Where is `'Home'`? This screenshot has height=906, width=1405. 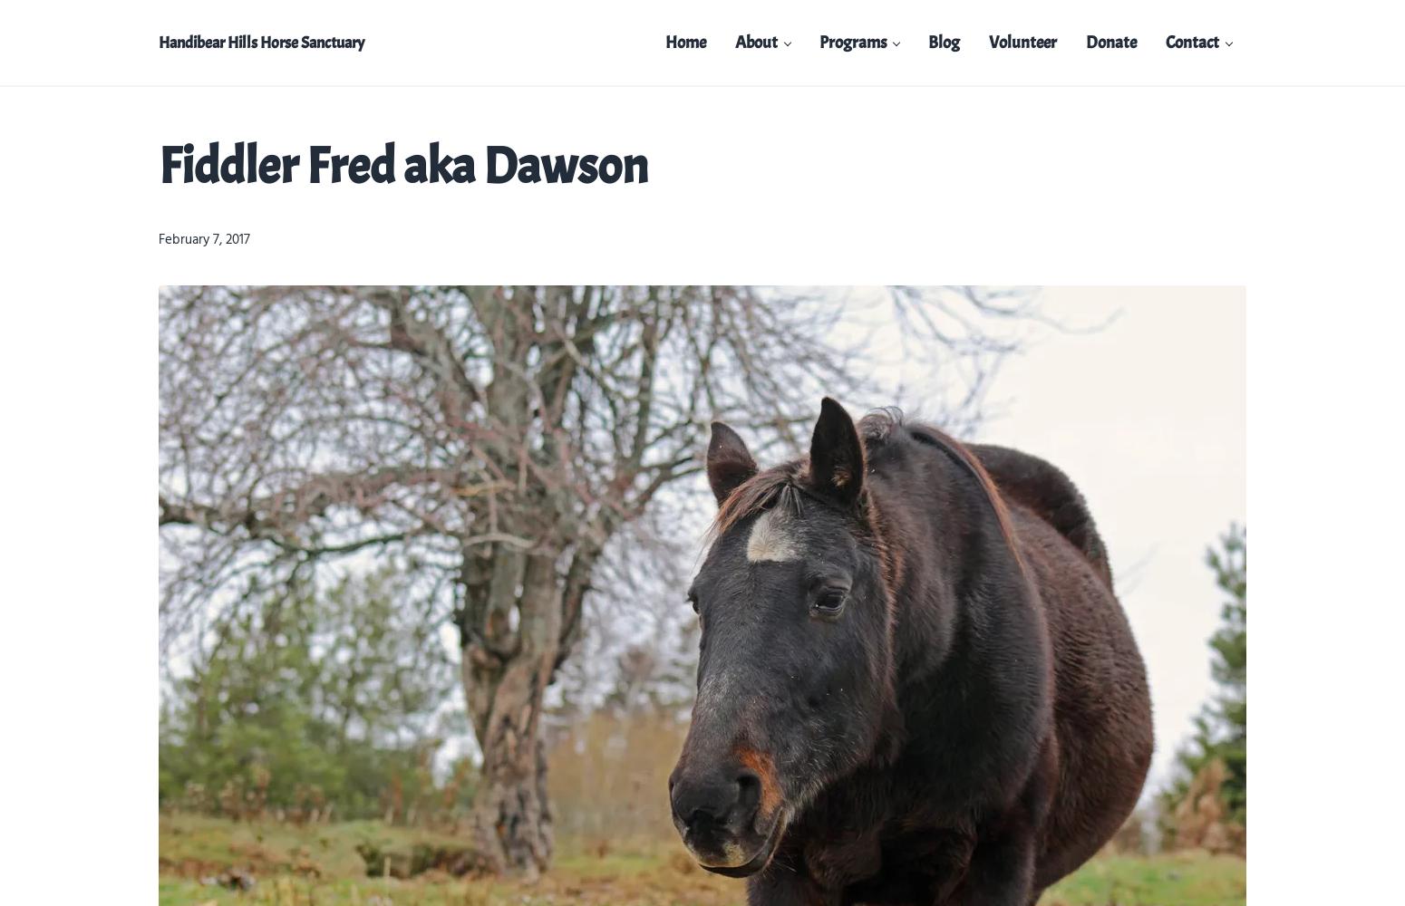
'Home' is located at coordinates (664, 42).